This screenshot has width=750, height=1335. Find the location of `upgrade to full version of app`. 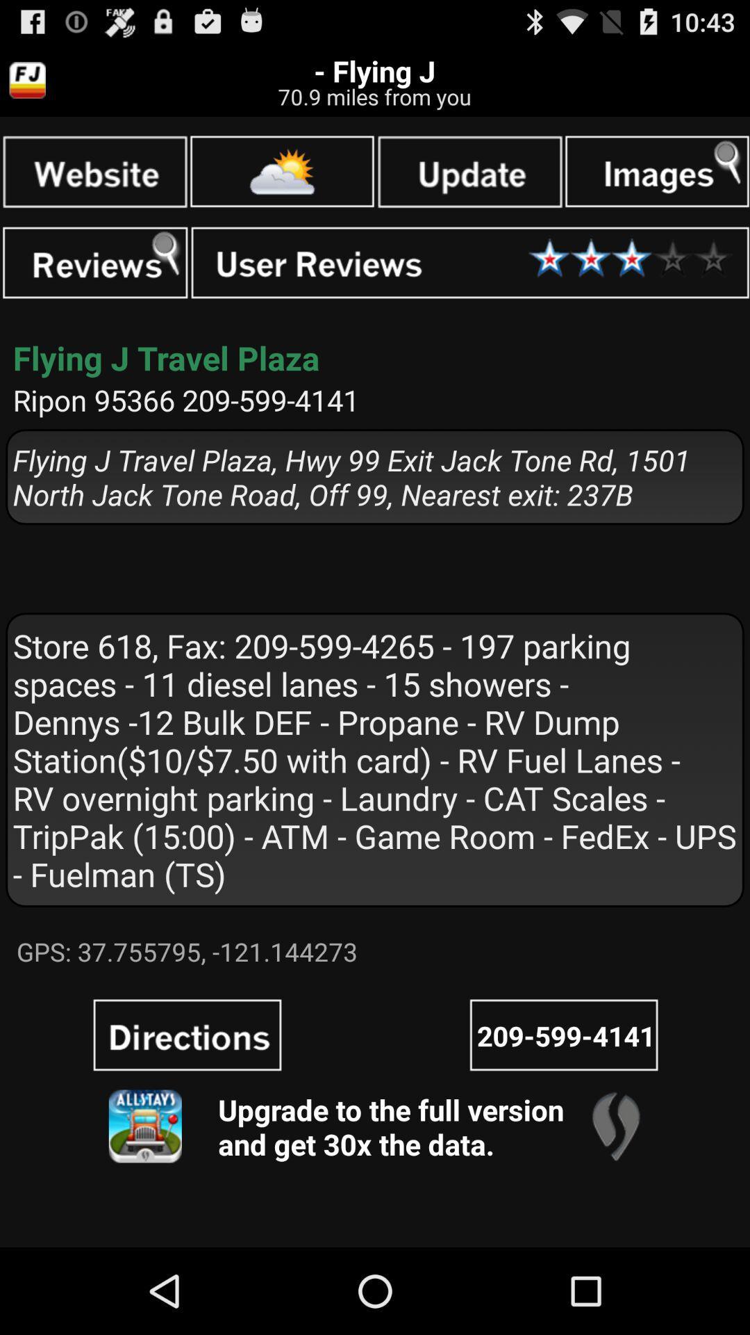

upgrade to full version of app is located at coordinates (145, 1126).